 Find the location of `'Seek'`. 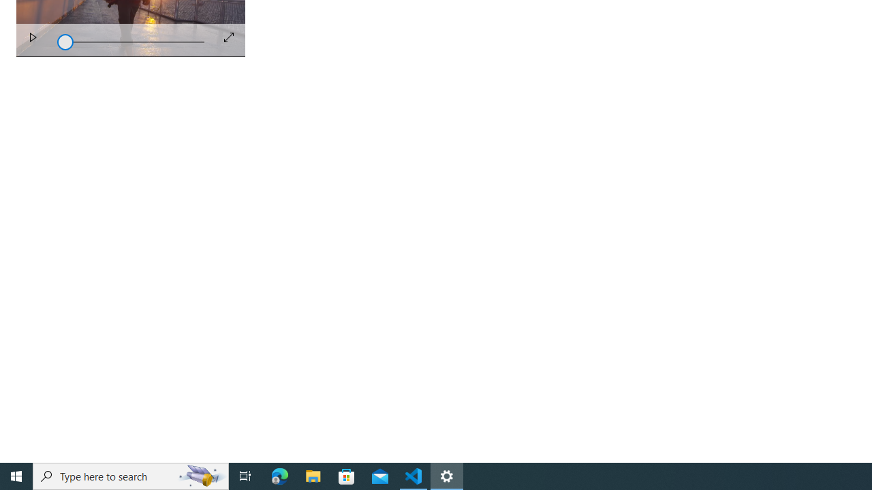

'Seek' is located at coordinates (131, 39).